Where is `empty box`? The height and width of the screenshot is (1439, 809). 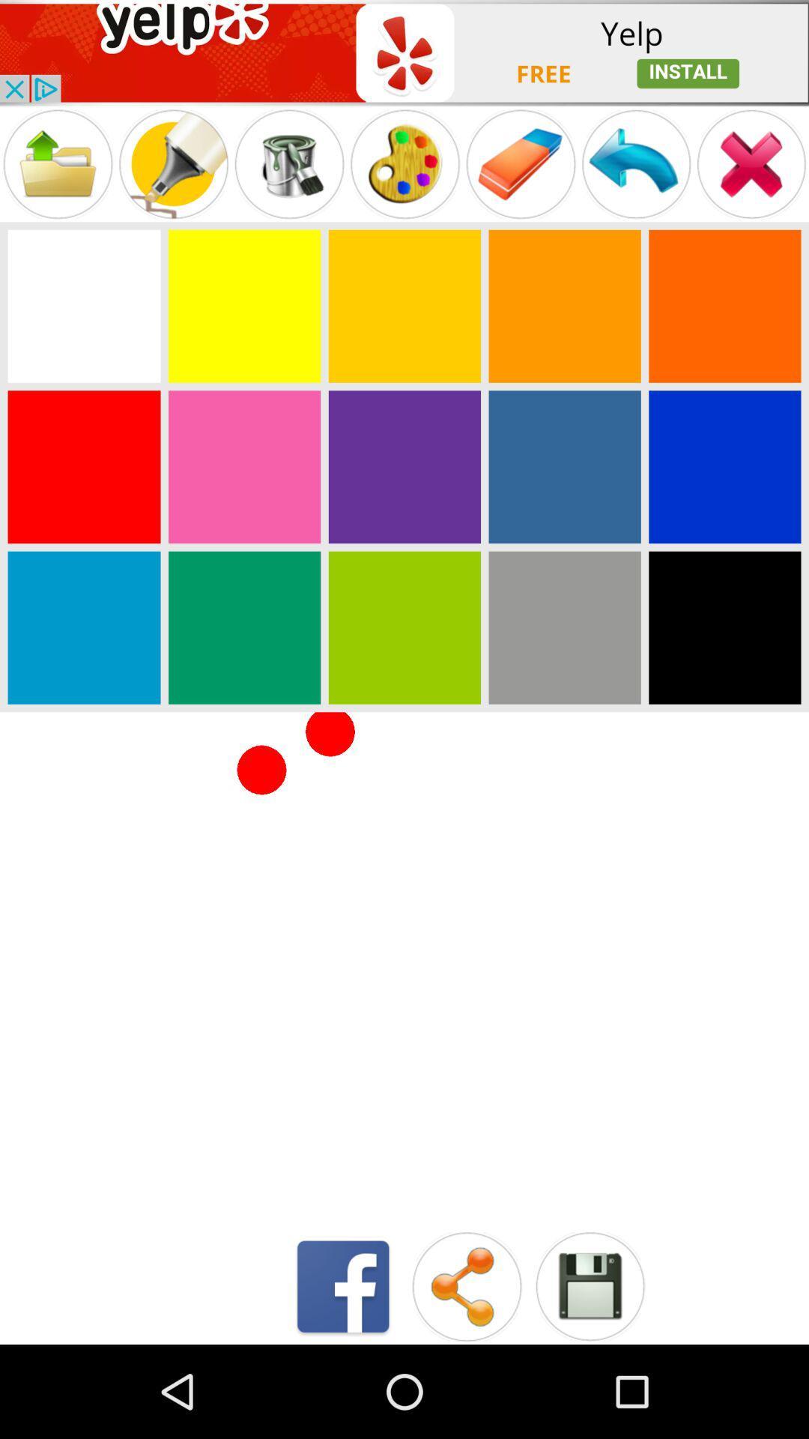 empty box is located at coordinates (84, 305).